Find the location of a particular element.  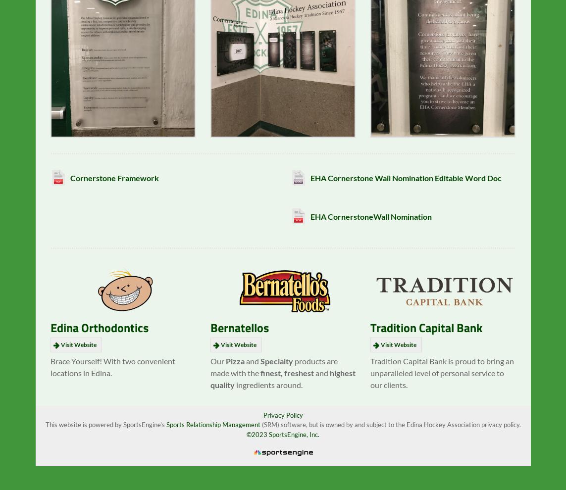

'©2023 SportsEngine, Inc.' is located at coordinates (283, 441).